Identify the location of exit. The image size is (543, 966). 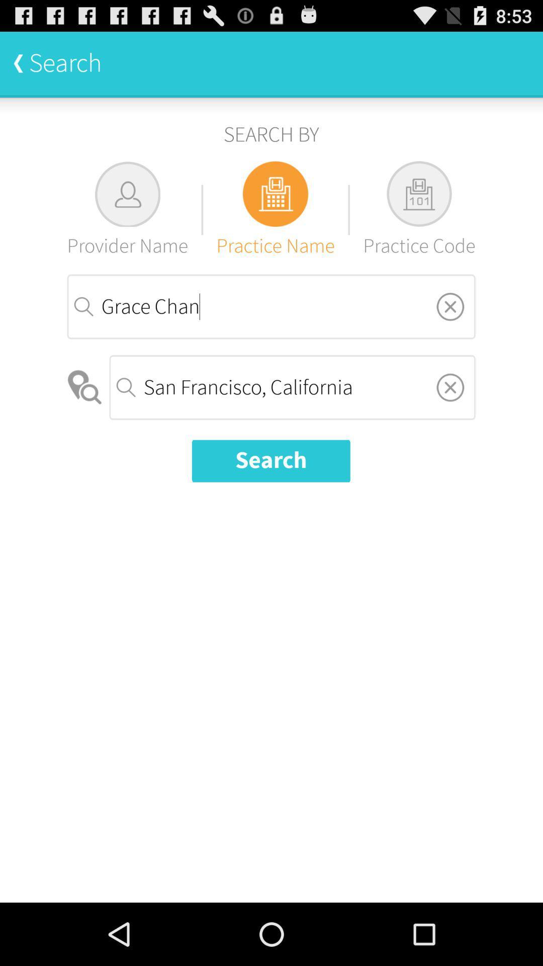
(449, 306).